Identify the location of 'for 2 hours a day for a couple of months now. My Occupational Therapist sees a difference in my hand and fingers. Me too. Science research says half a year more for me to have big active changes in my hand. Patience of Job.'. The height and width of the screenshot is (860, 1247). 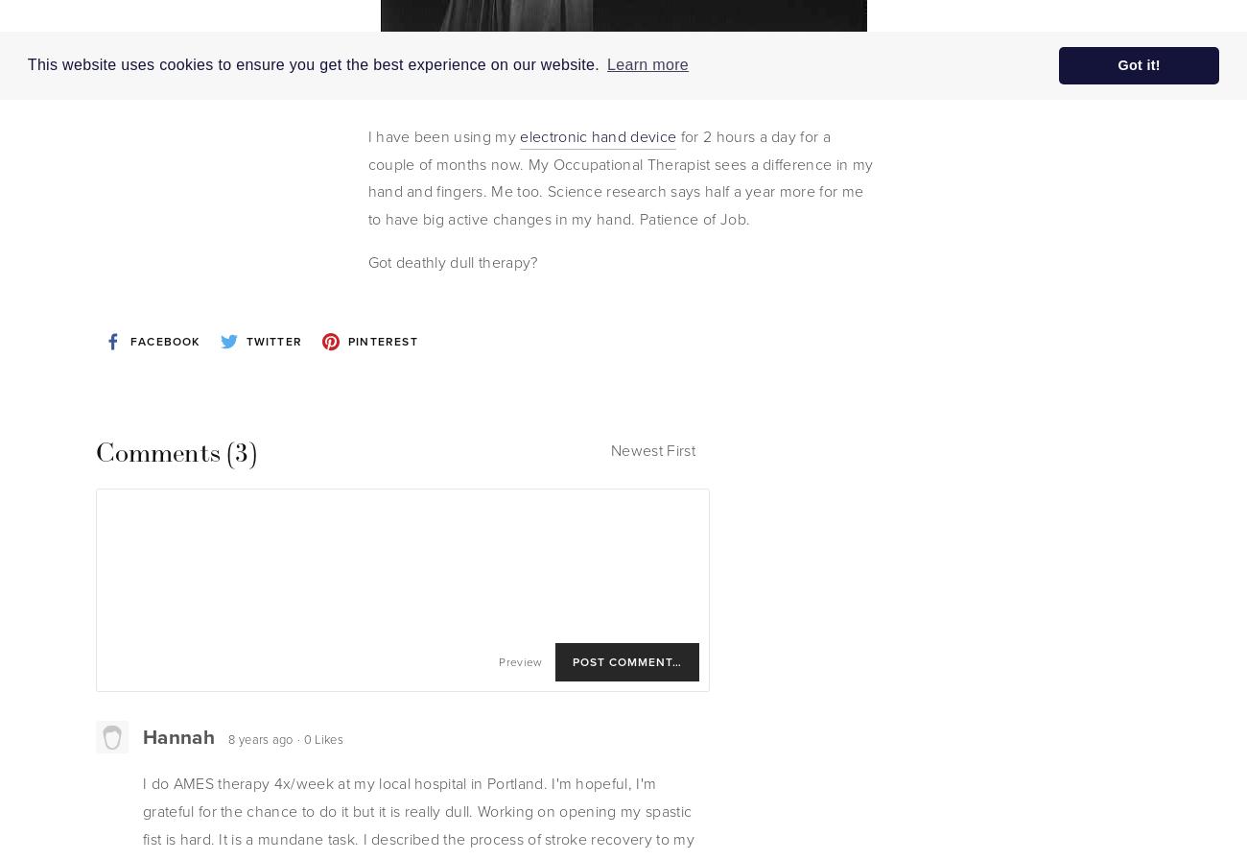
(620, 178).